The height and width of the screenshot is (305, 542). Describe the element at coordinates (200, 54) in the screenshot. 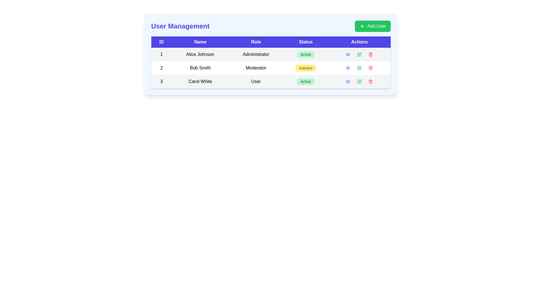

I see `text displayed in the text label showing 'Alice Johnson' in the 'Name' column of the first row of the user management table` at that location.